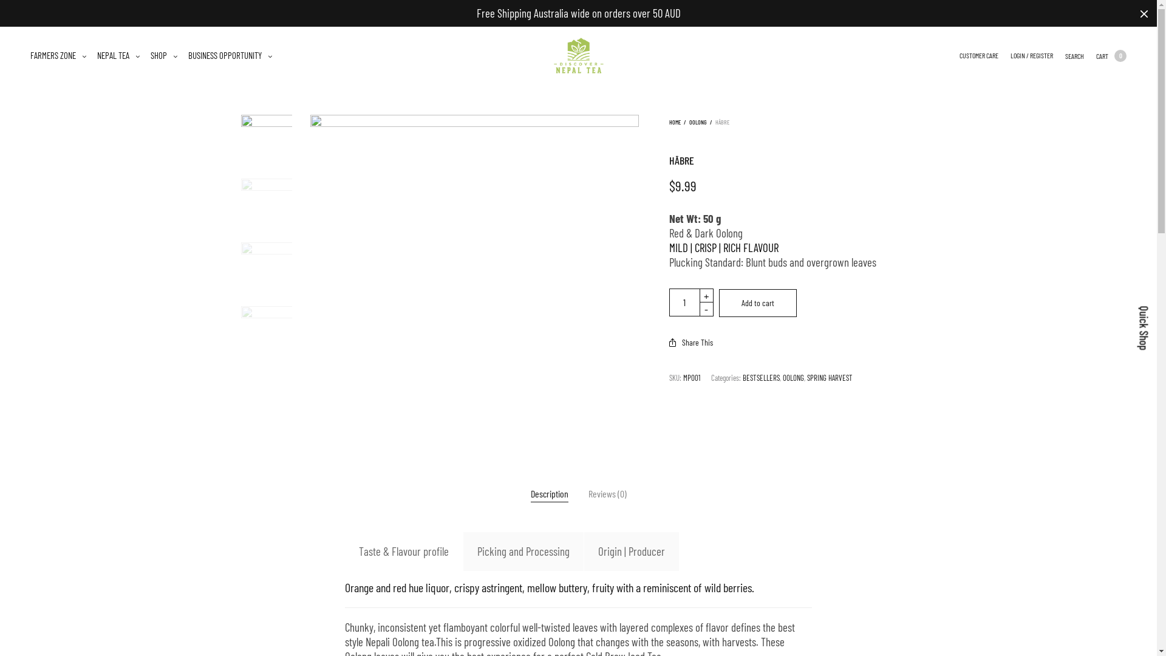 This screenshot has width=1166, height=656. What do you see at coordinates (807, 377) in the screenshot?
I see `'SPRING HARVEST'` at bounding box center [807, 377].